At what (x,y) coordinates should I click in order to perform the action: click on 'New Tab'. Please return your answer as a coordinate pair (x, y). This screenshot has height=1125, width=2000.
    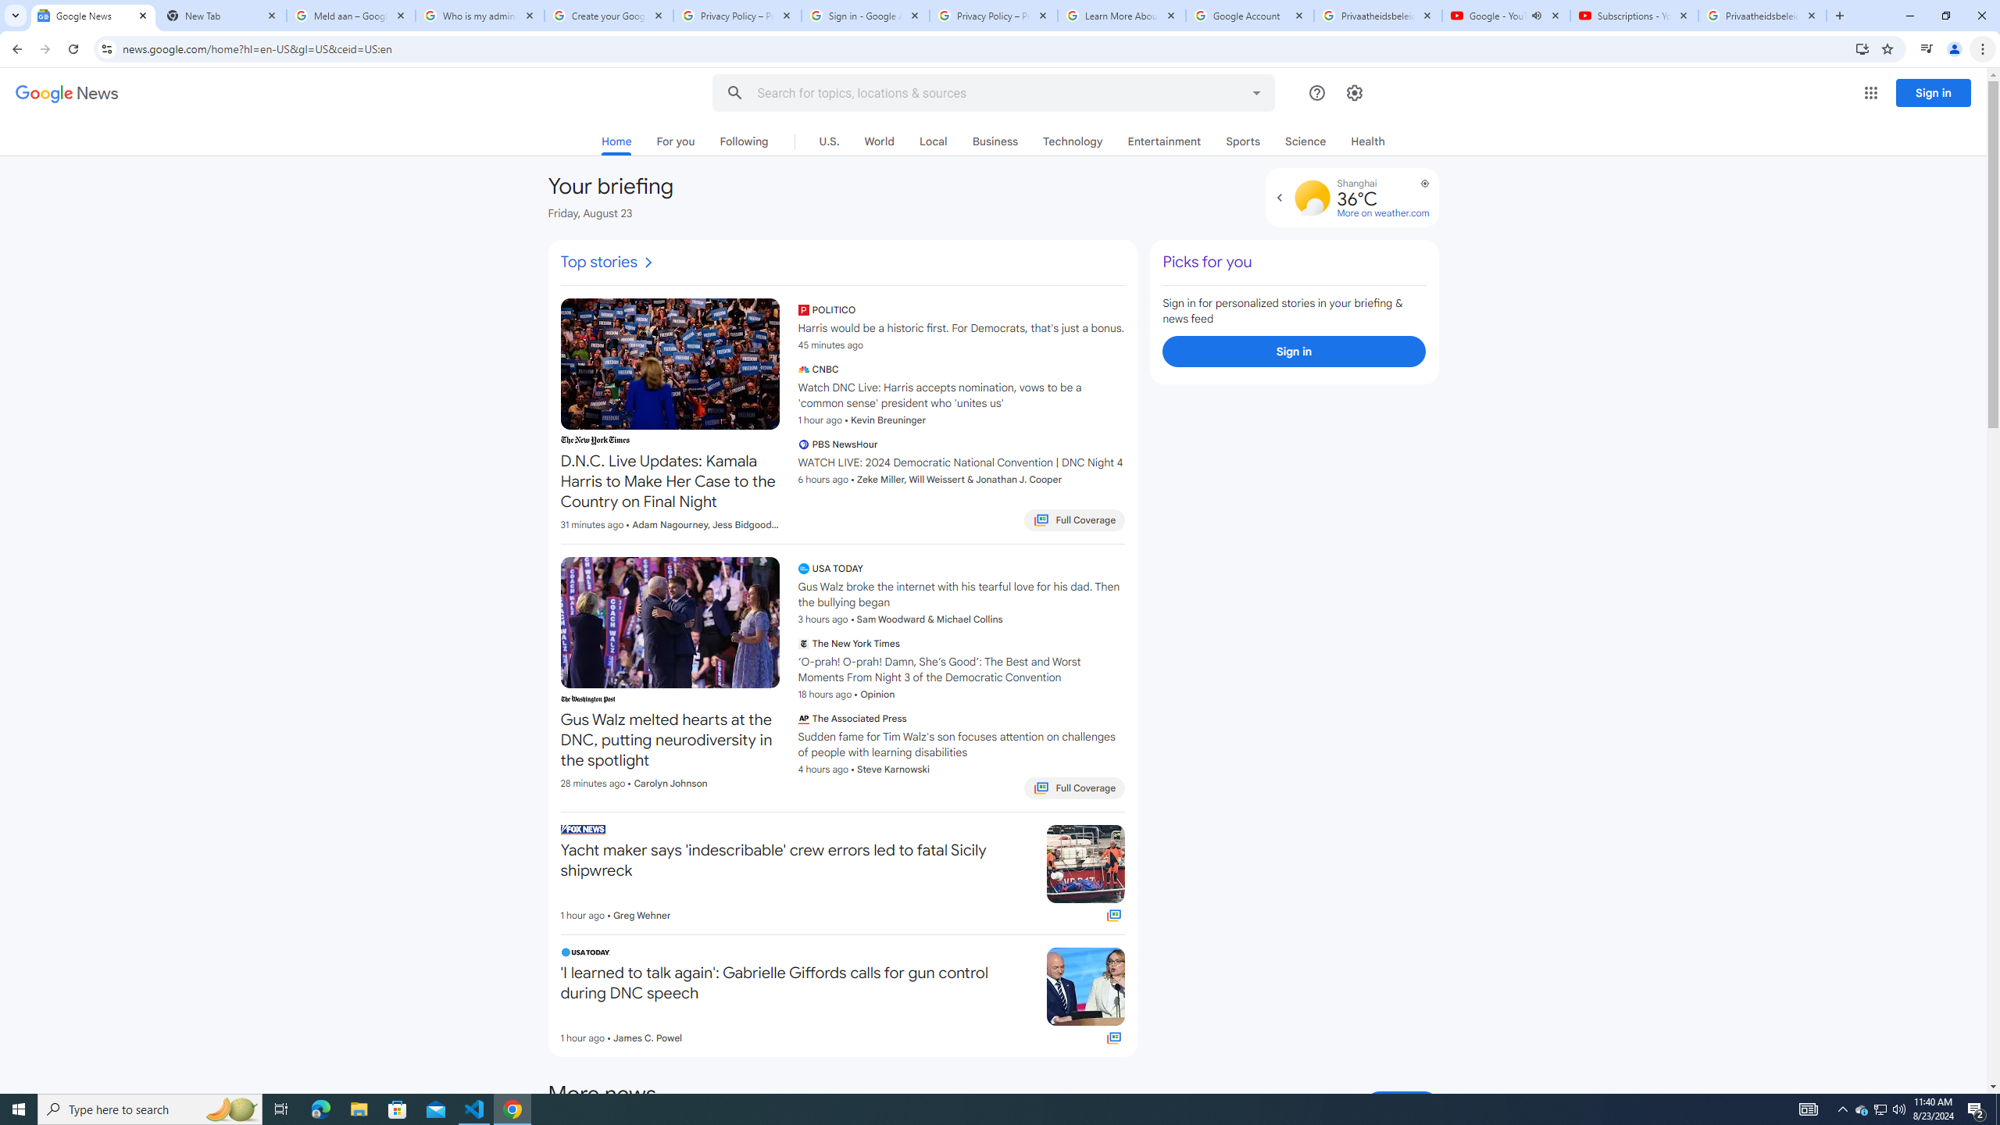
    Looking at the image, I should click on (222, 15).